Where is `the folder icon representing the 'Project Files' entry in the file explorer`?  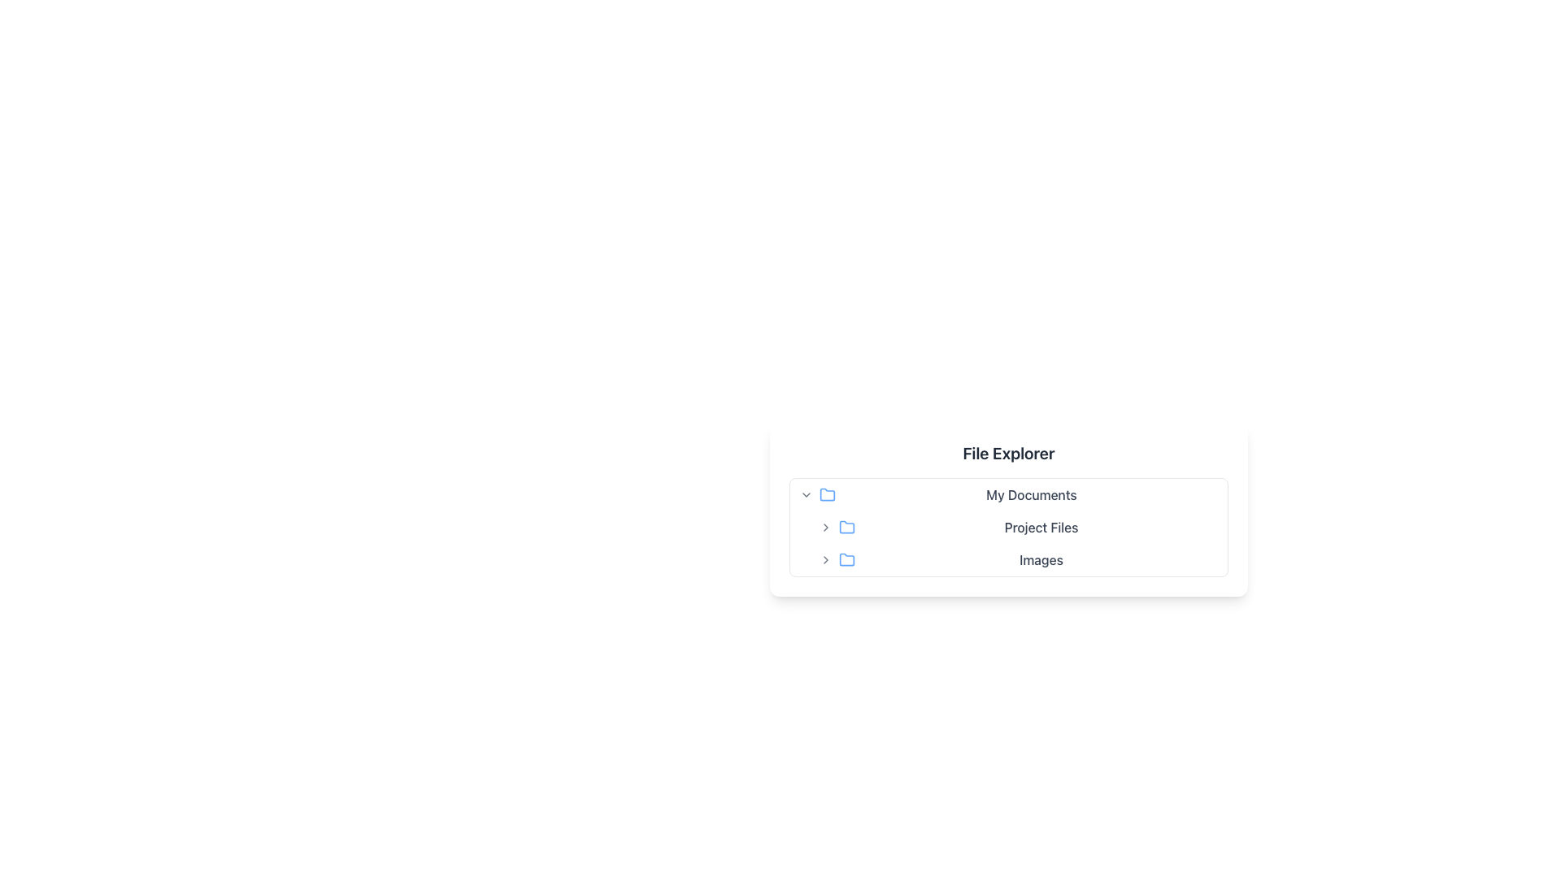
the folder icon representing the 'Project Files' entry in the file explorer is located at coordinates (846, 527).